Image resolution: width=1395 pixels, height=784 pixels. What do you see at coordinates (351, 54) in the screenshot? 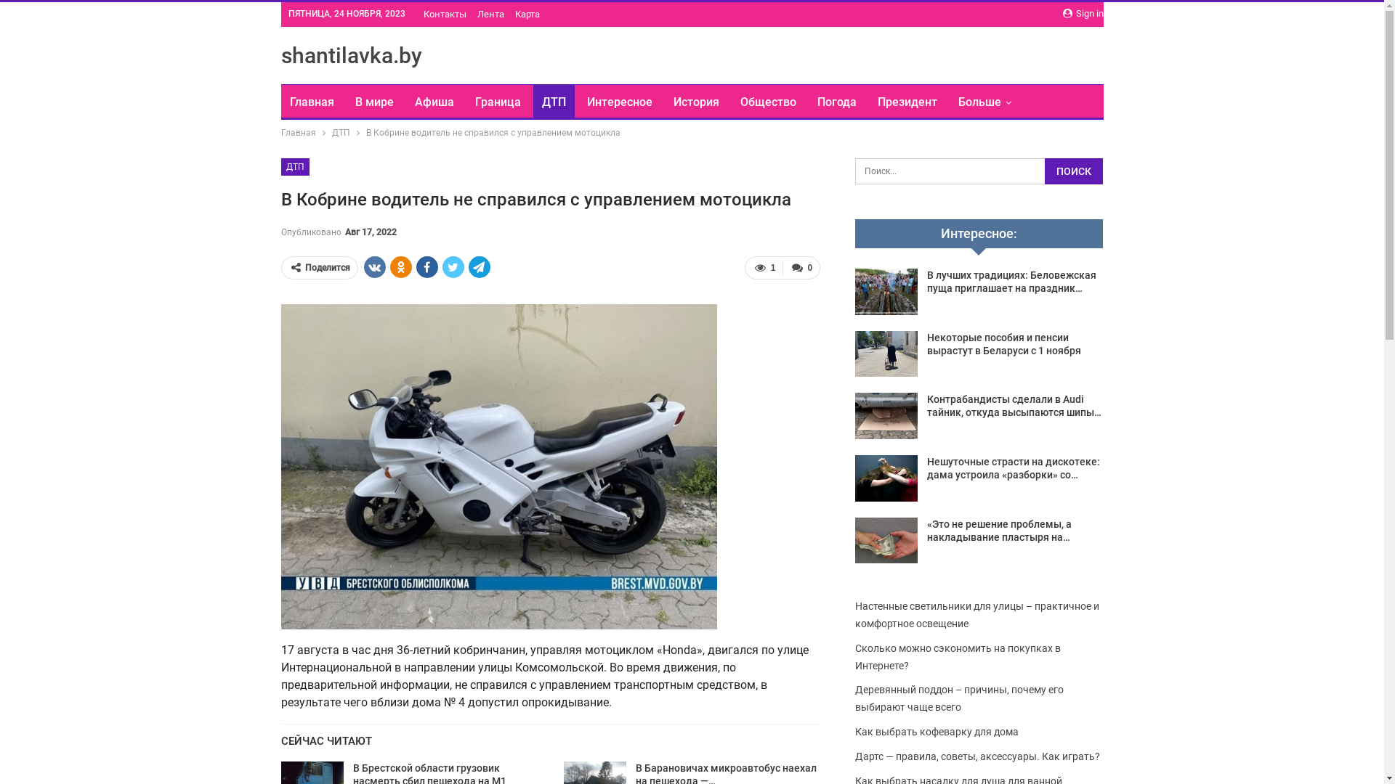
I see `'shantilavka.by'` at bounding box center [351, 54].